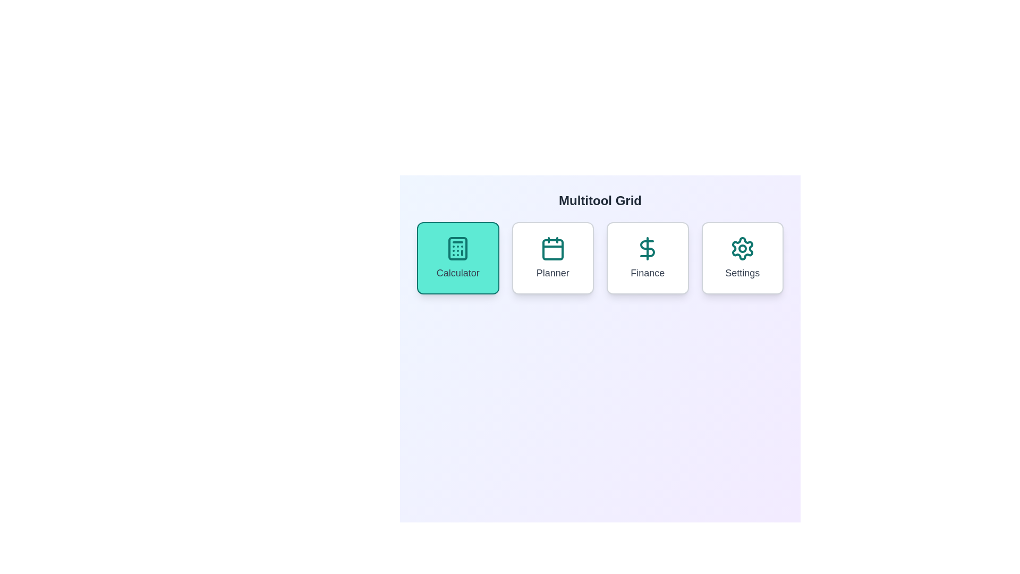 The width and height of the screenshot is (1020, 574). Describe the element at coordinates (647, 248) in the screenshot. I see `the decorative Finance icon located in the third cell of the grid, positioned above the label 'Finance'` at that location.